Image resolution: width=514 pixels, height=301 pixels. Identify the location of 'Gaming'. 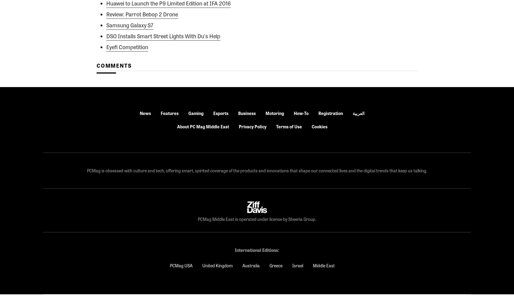
(196, 113).